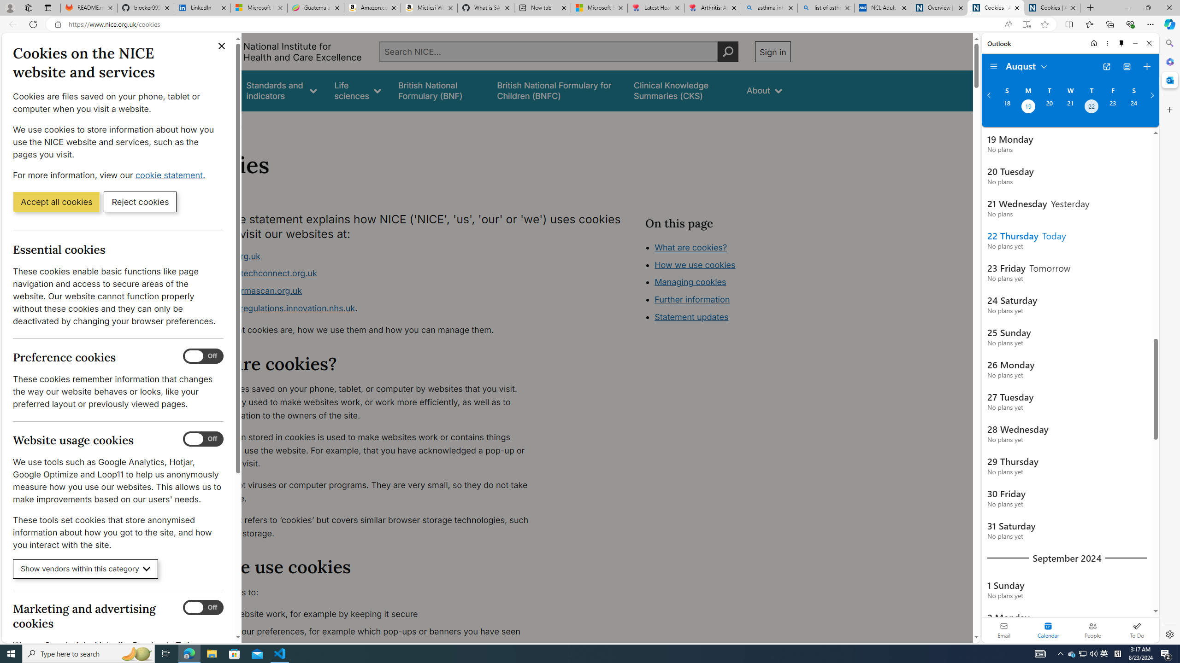  I want to click on 'Perform search', so click(727, 51).